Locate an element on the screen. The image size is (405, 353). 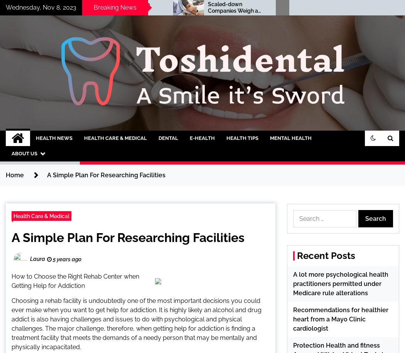
'Wednesday, Nov 8, 2023' is located at coordinates (41, 7).